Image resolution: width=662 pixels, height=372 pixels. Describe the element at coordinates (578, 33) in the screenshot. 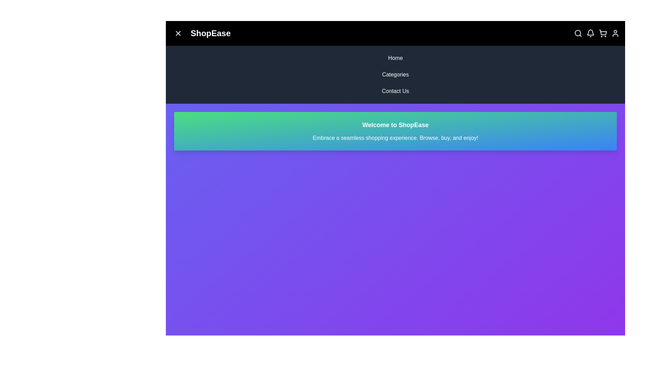

I see `the search icon in the top right corner of the app bar` at that location.